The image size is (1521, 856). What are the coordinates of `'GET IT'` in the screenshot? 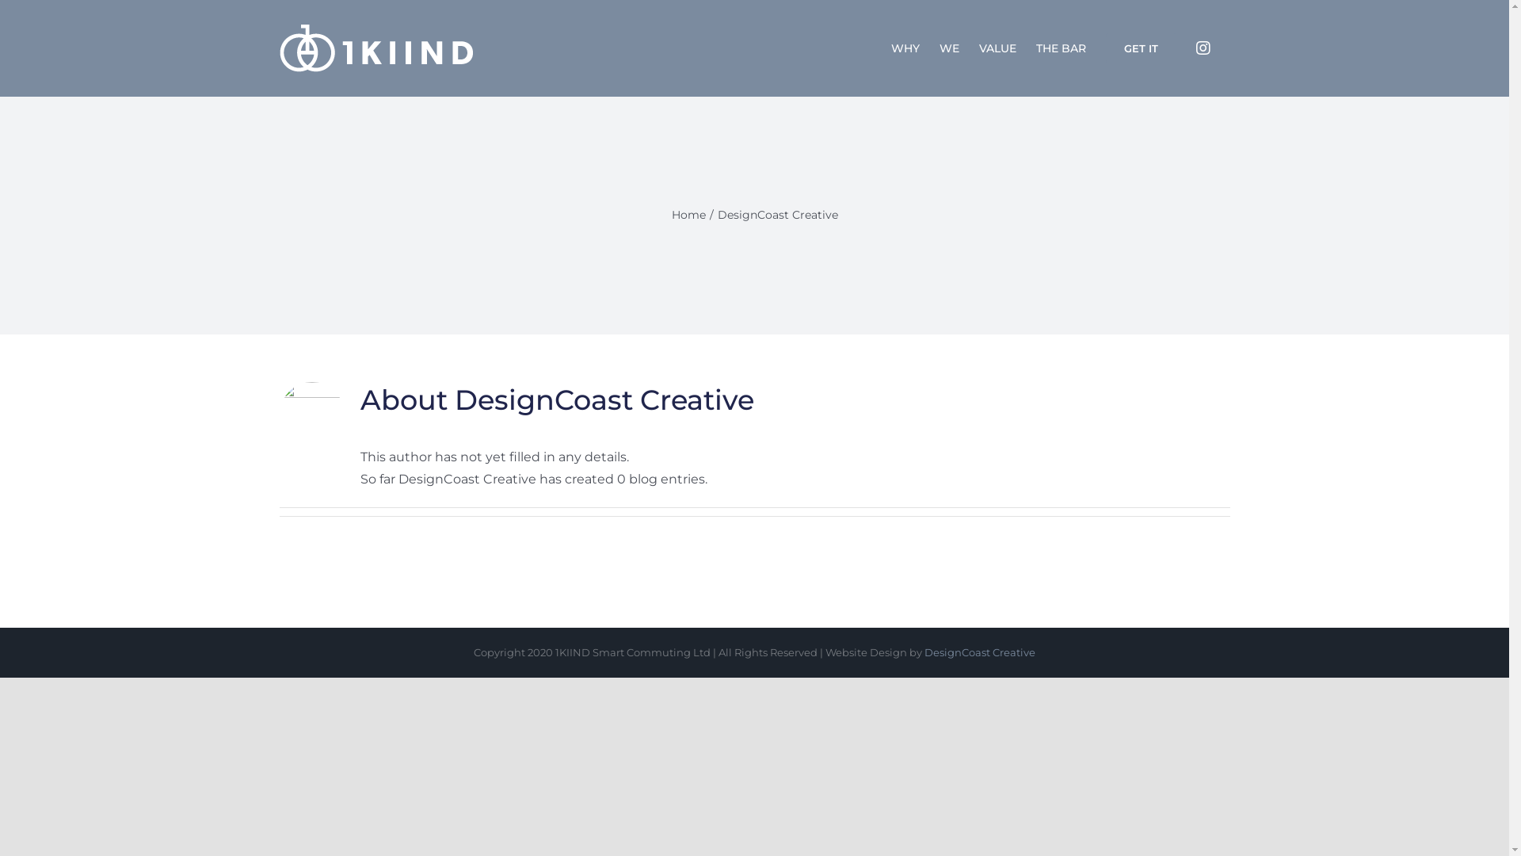 It's located at (1141, 48).